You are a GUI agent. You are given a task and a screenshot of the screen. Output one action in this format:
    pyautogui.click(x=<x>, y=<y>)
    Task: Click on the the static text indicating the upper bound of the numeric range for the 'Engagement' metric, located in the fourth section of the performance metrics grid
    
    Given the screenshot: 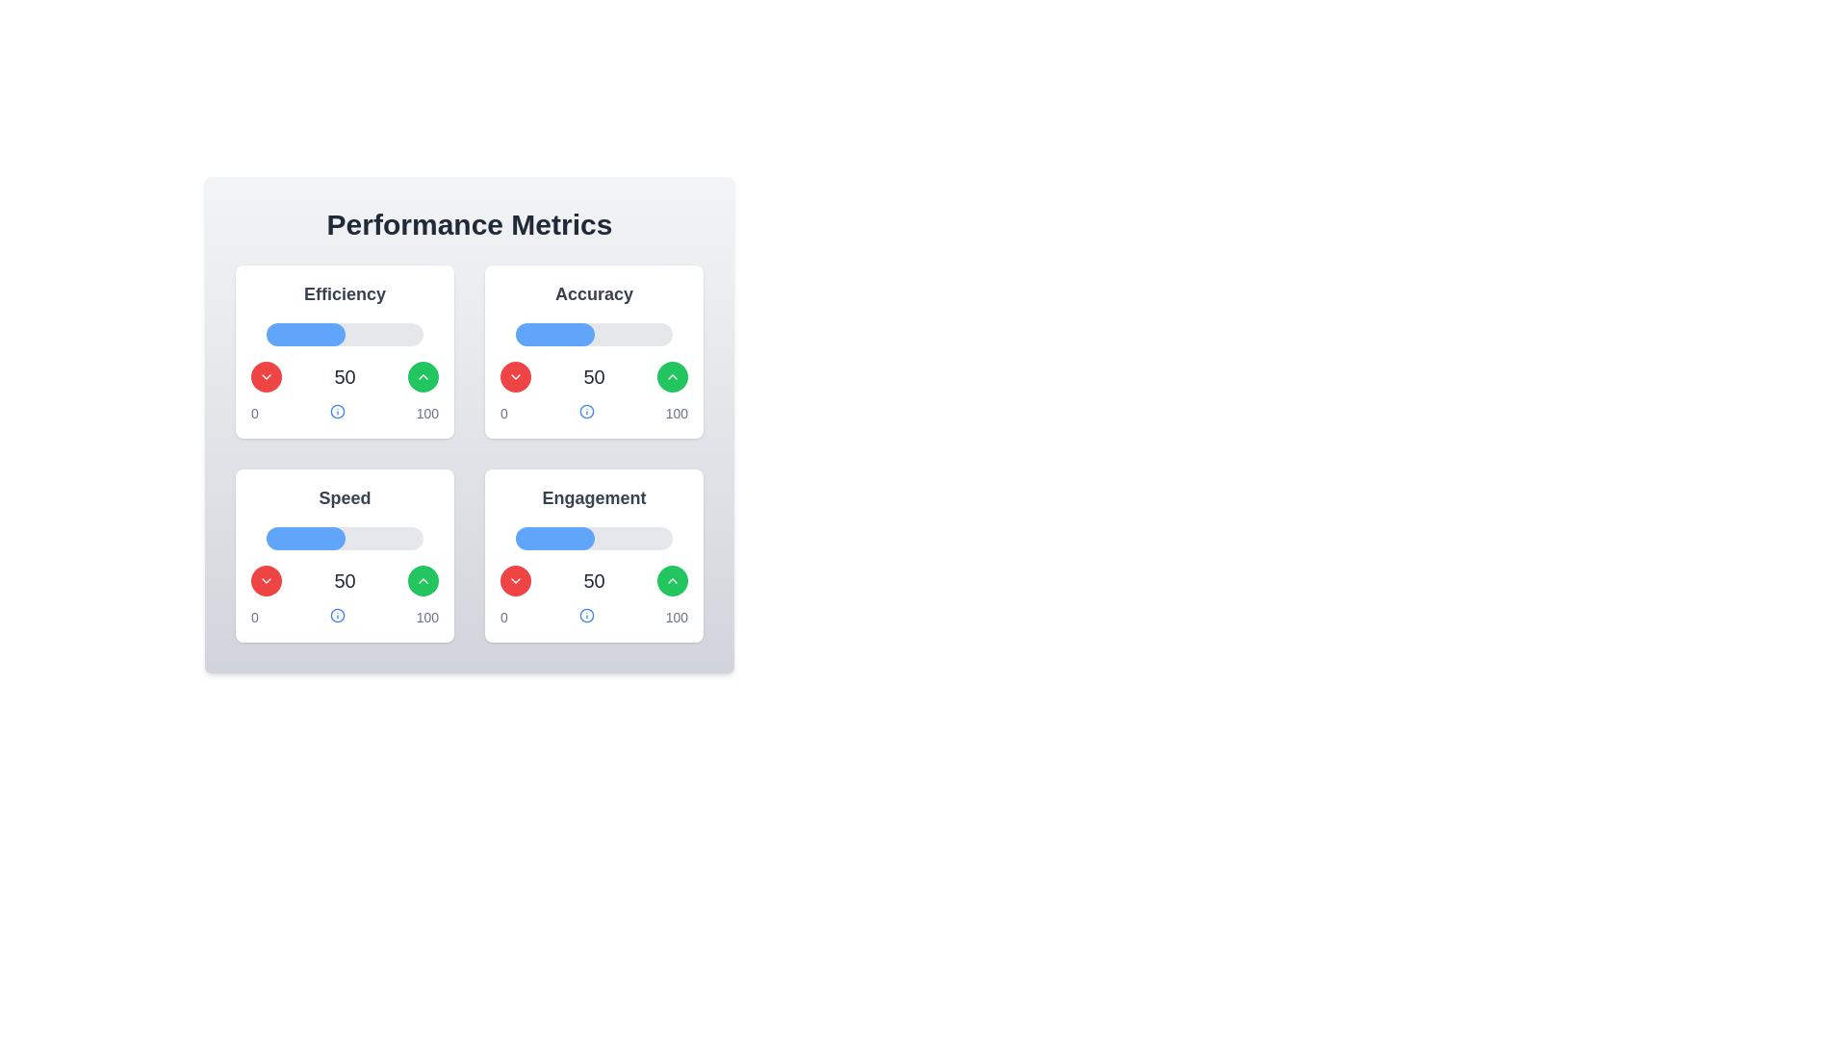 What is the action you would take?
    pyautogui.click(x=426, y=617)
    